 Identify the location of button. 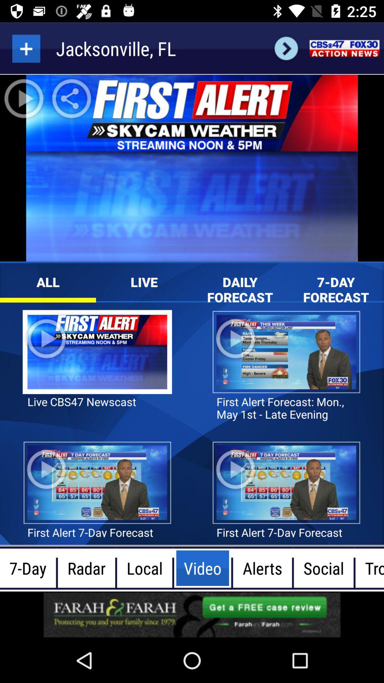
(26, 48).